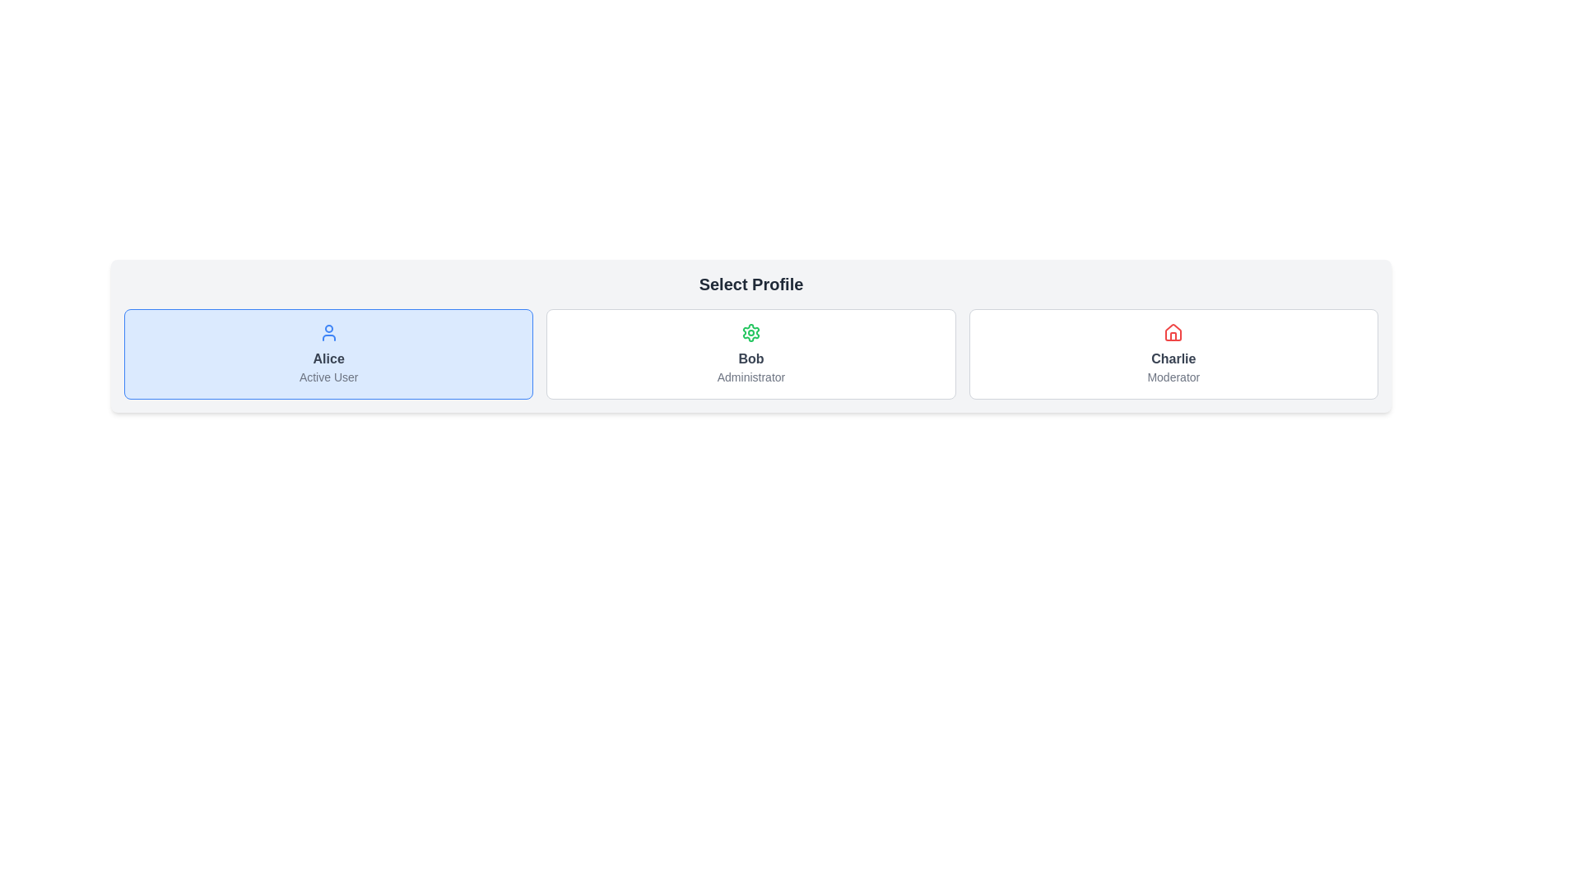  Describe the element at coordinates (328, 333) in the screenshot. I see `the user profile SVG icon located in the leftmost section of a row of profile cards, positioned above the labels 'Alice' and 'Active User'` at that location.